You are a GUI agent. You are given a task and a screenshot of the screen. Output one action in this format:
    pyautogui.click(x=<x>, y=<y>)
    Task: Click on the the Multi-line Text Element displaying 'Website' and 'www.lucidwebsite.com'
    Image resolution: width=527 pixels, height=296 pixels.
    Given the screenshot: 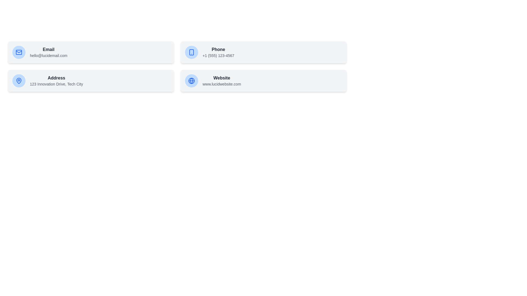 What is the action you would take?
    pyautogui.click(x=222, y=81)
    